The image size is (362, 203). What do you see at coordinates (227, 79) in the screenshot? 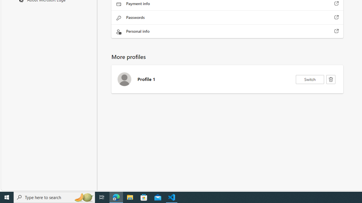
I see `'Profile 1'` at bounding box center [227, 79].